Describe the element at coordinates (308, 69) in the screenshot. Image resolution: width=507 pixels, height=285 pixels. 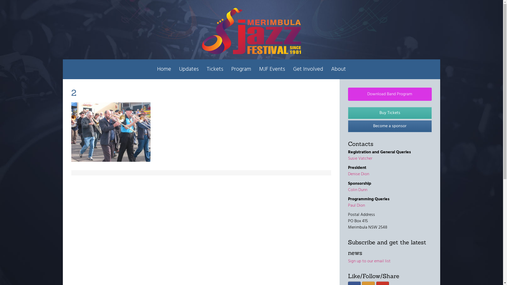
I see `'Get Involved'` at that location.